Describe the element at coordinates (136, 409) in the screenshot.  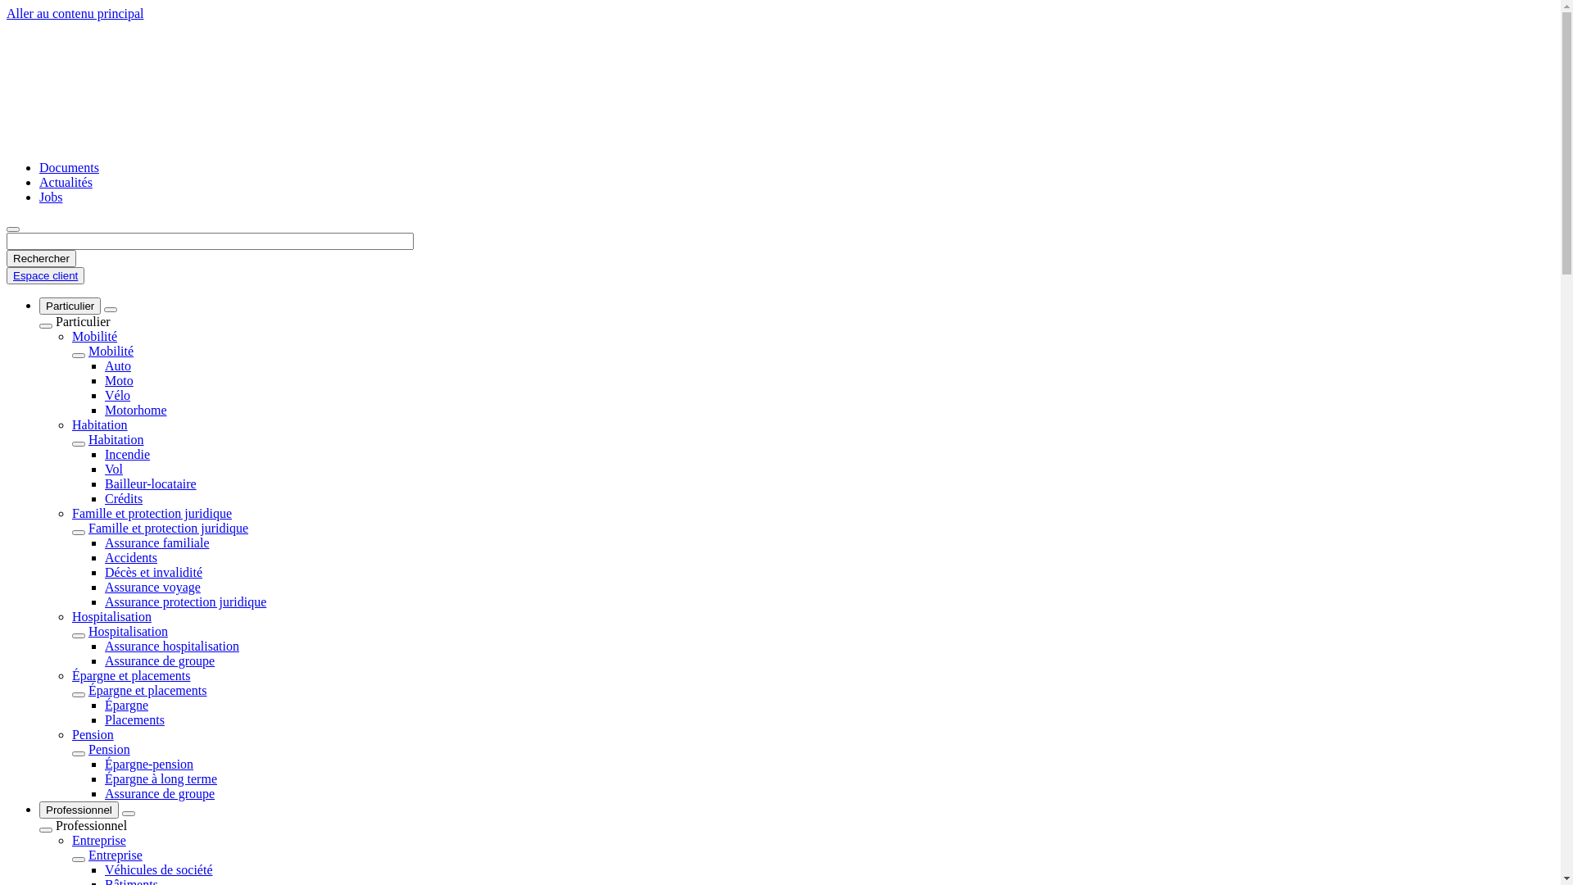
I see `'Motorhome'` at that location.